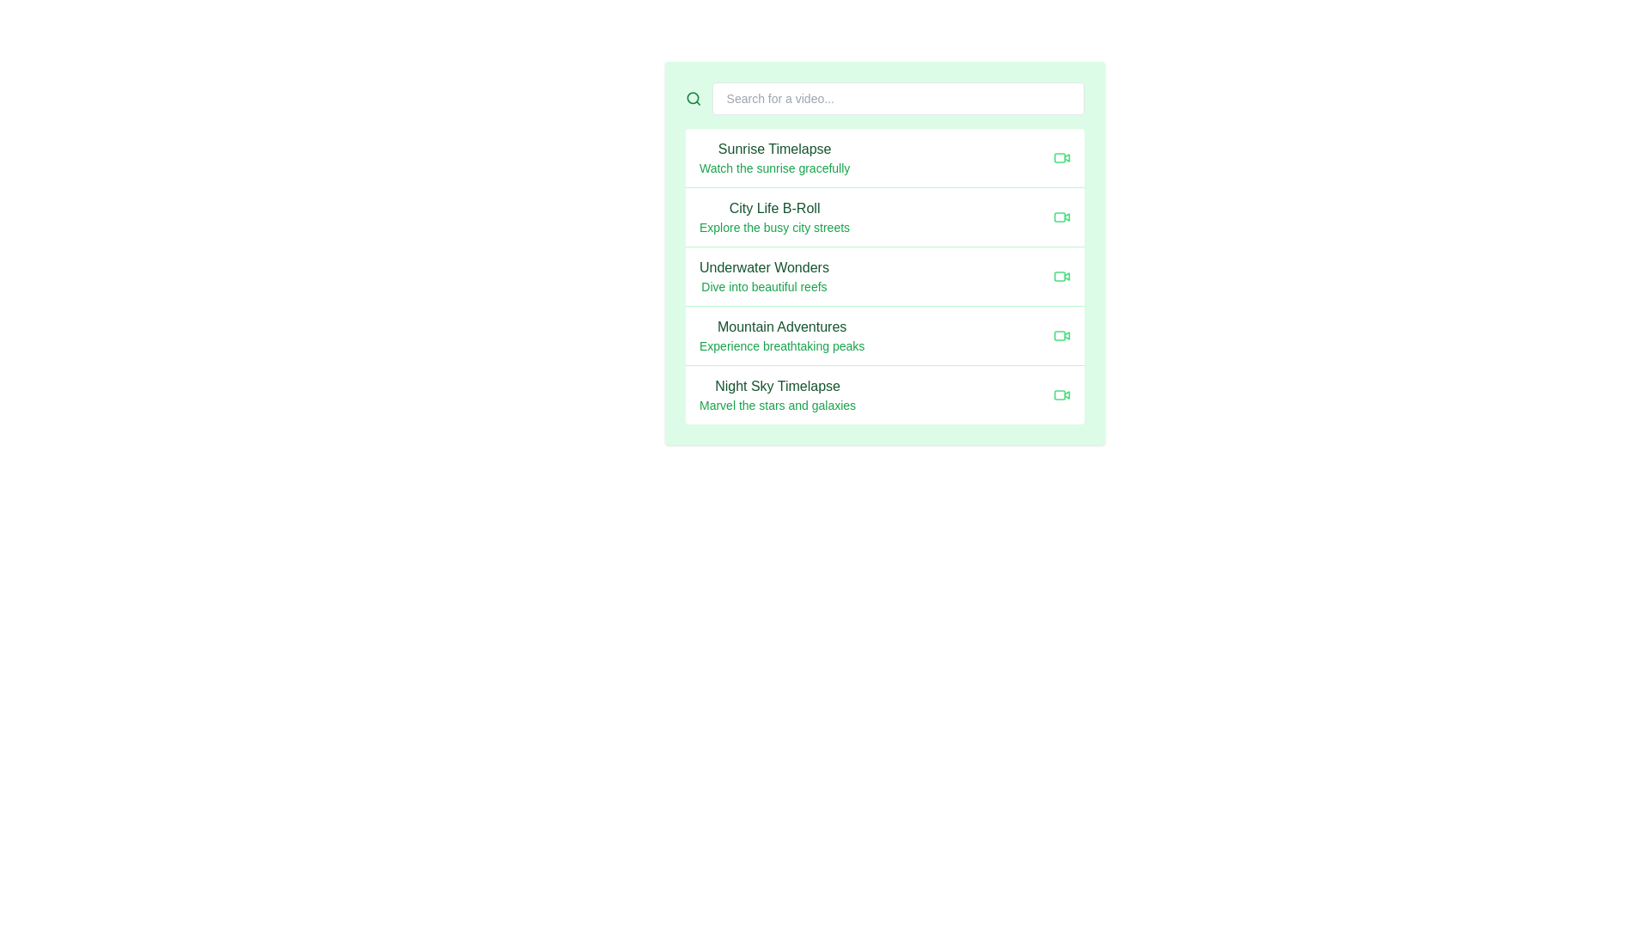 This screenshot has height=928, width=1650. I want to click on the Text Label that reads 'Marvel the stars and galaxies', which is styled with a smaller font size and green color, located below the 'Night Sky Timelapse' heading, so click(777, 405).